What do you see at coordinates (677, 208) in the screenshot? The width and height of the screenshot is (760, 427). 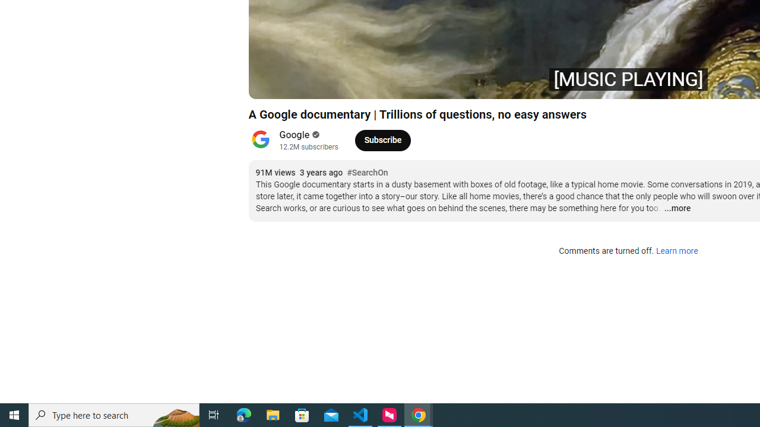 I see `'...more'` at bounding box center [677, 208].